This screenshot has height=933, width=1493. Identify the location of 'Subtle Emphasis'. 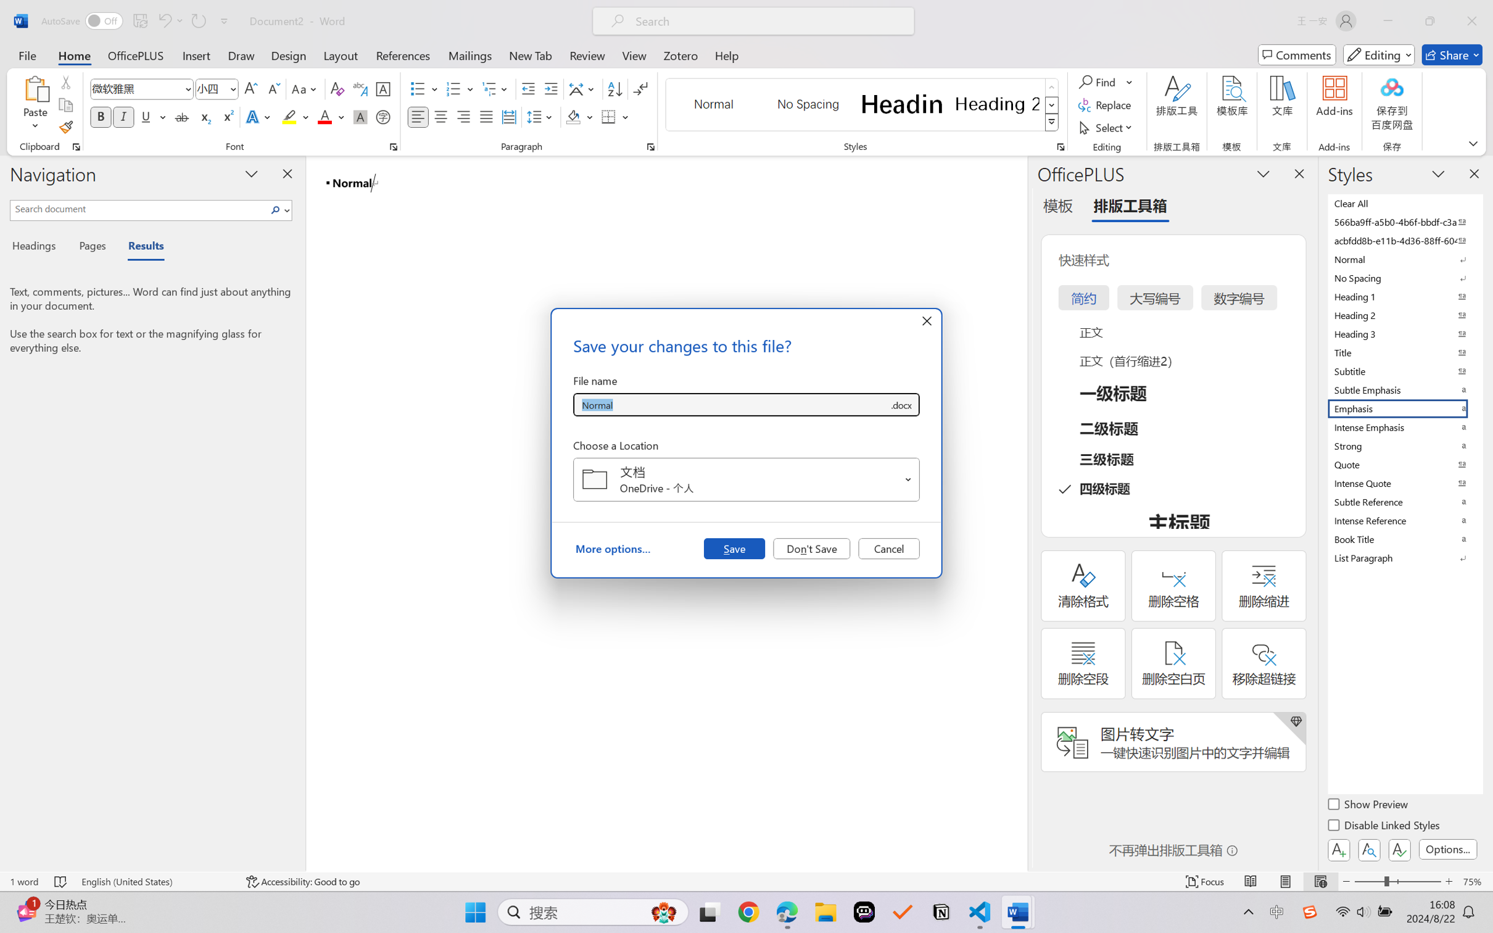
(1404, 389).